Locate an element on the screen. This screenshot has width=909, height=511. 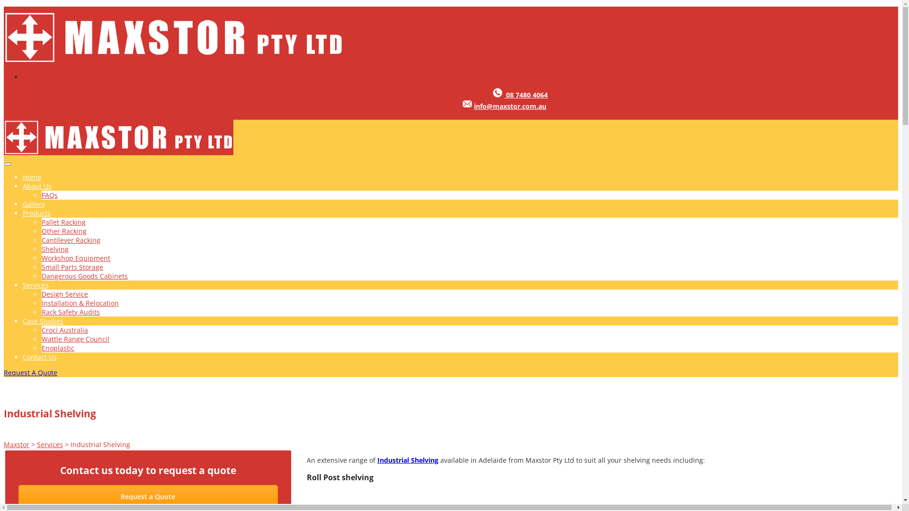
'Shelving' is located at coordinates (54, 248).